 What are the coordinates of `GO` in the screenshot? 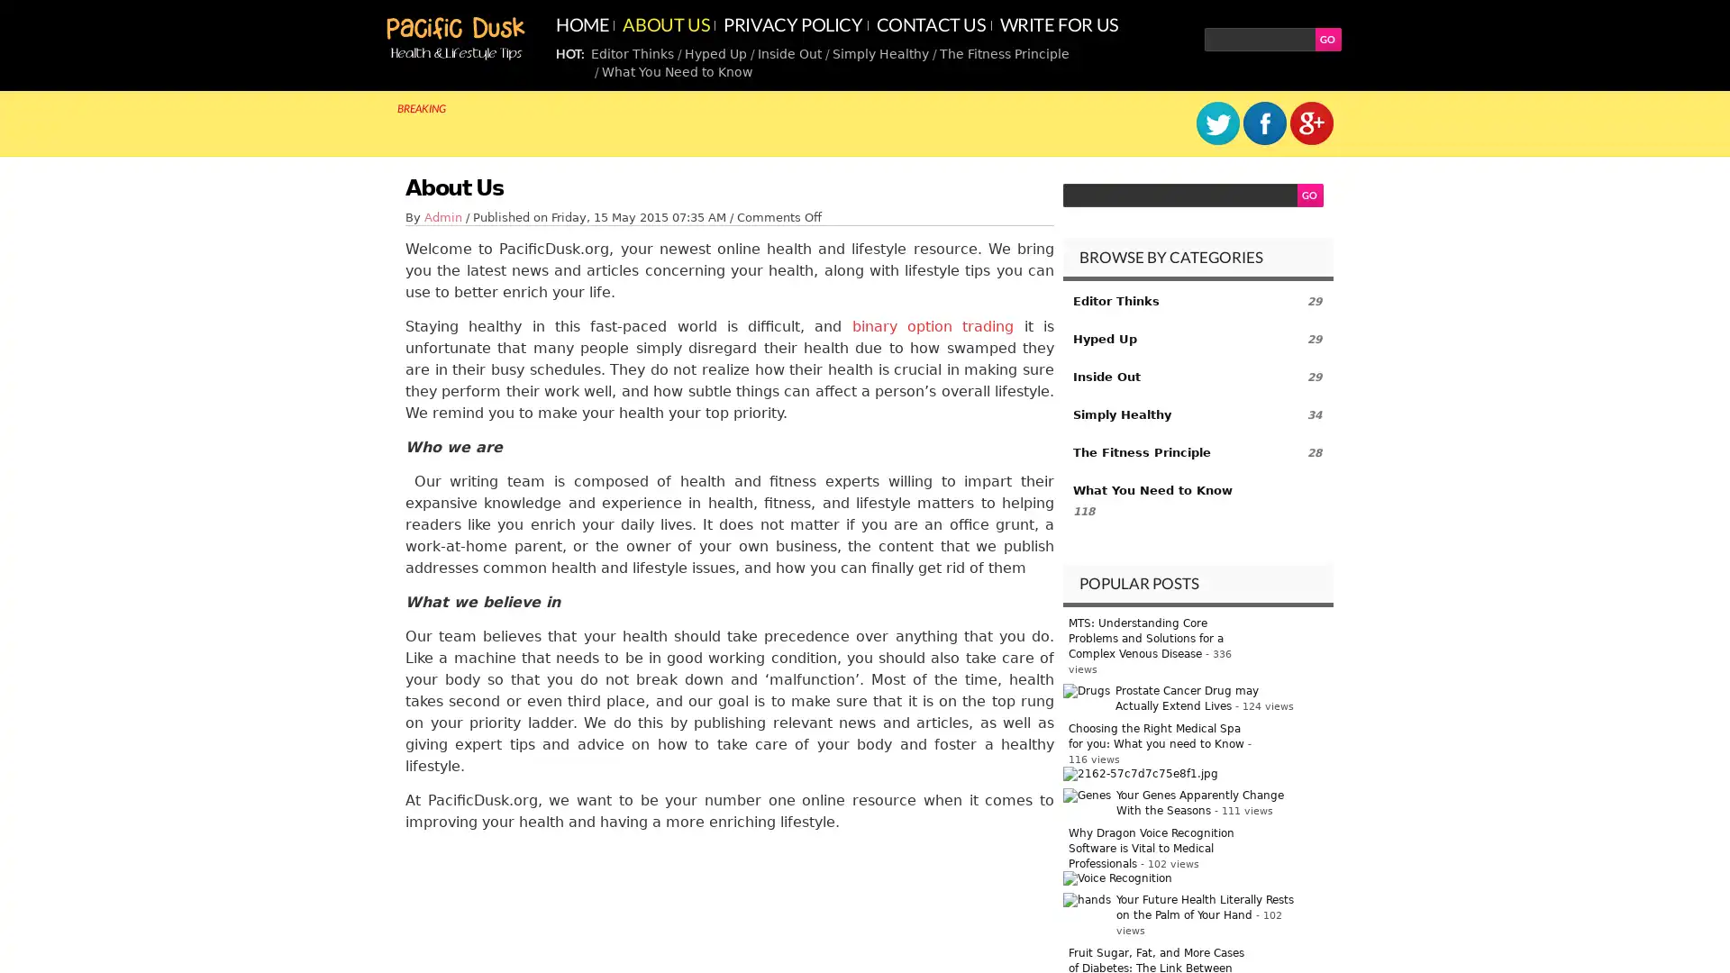 It's located at (1310, 195).